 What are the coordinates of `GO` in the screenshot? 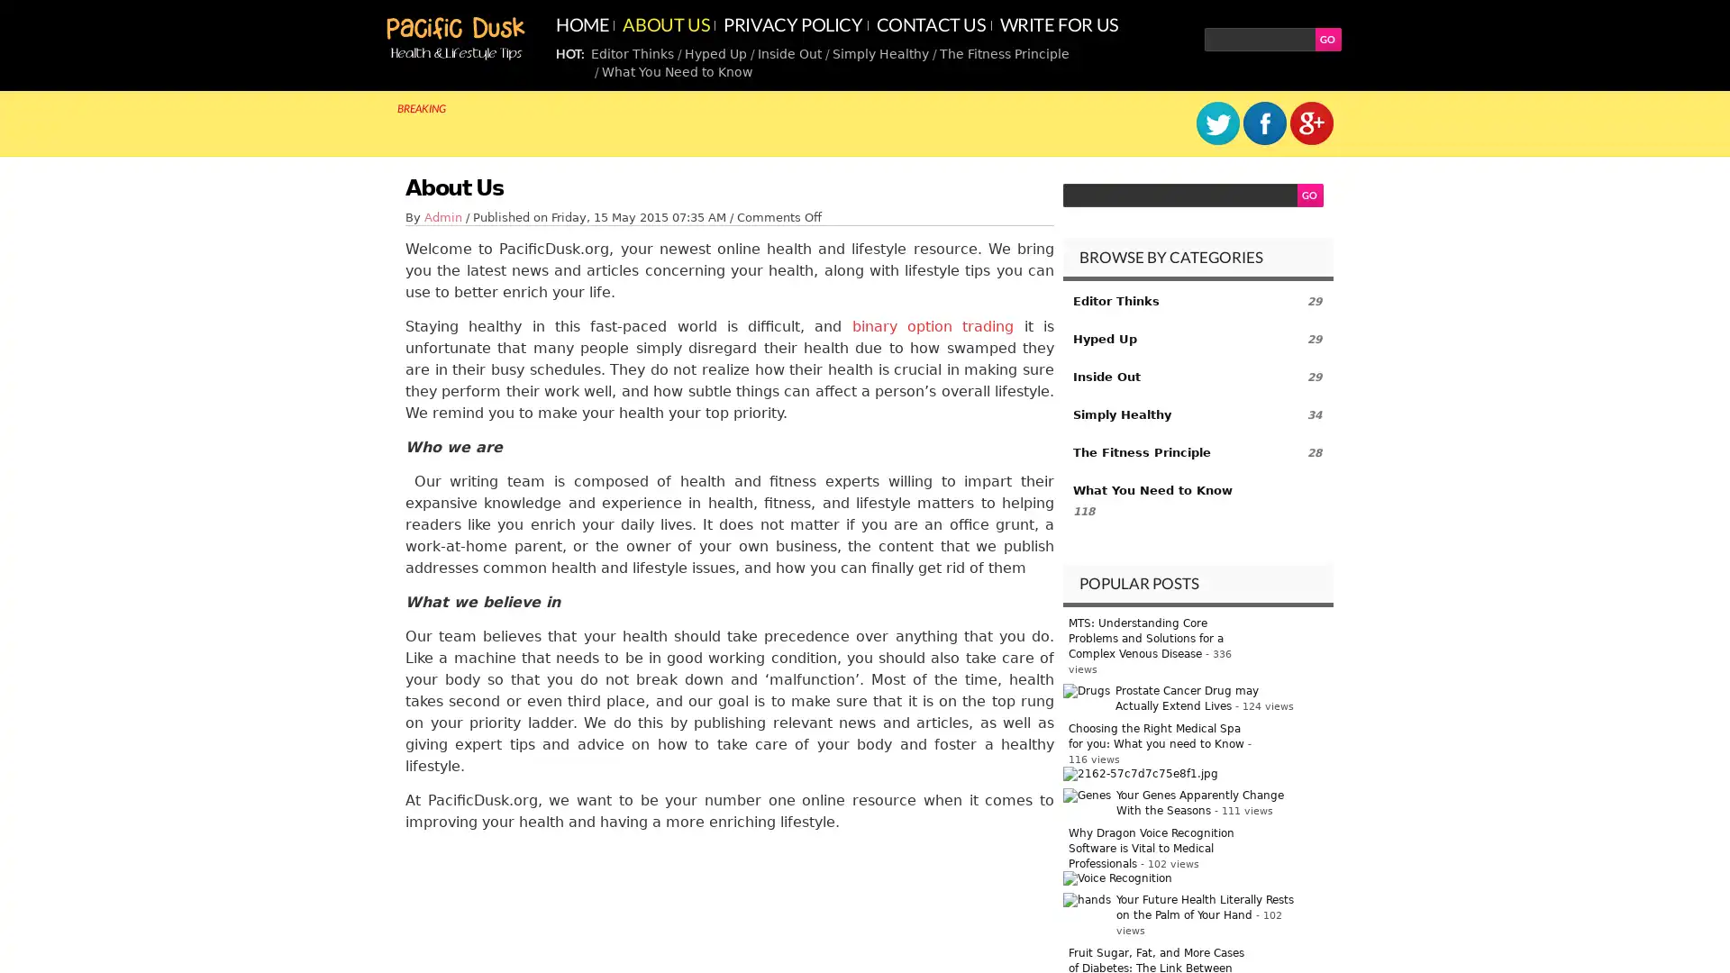 It's located at (1310, 195).